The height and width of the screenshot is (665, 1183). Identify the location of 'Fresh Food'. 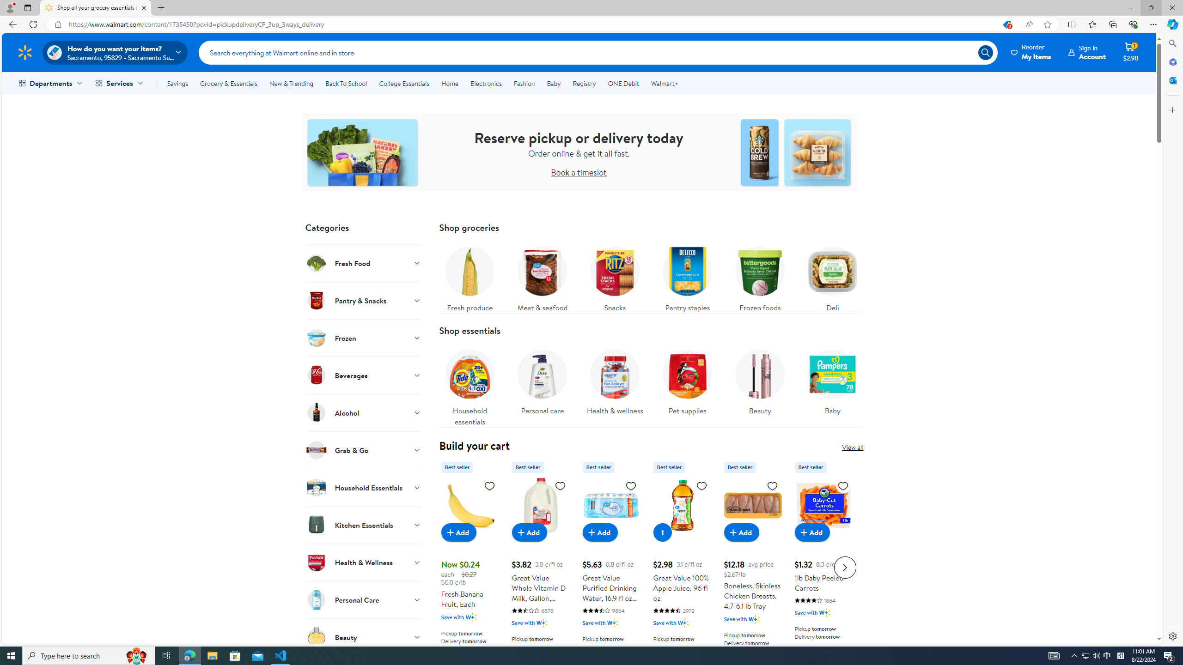
(362, 262).